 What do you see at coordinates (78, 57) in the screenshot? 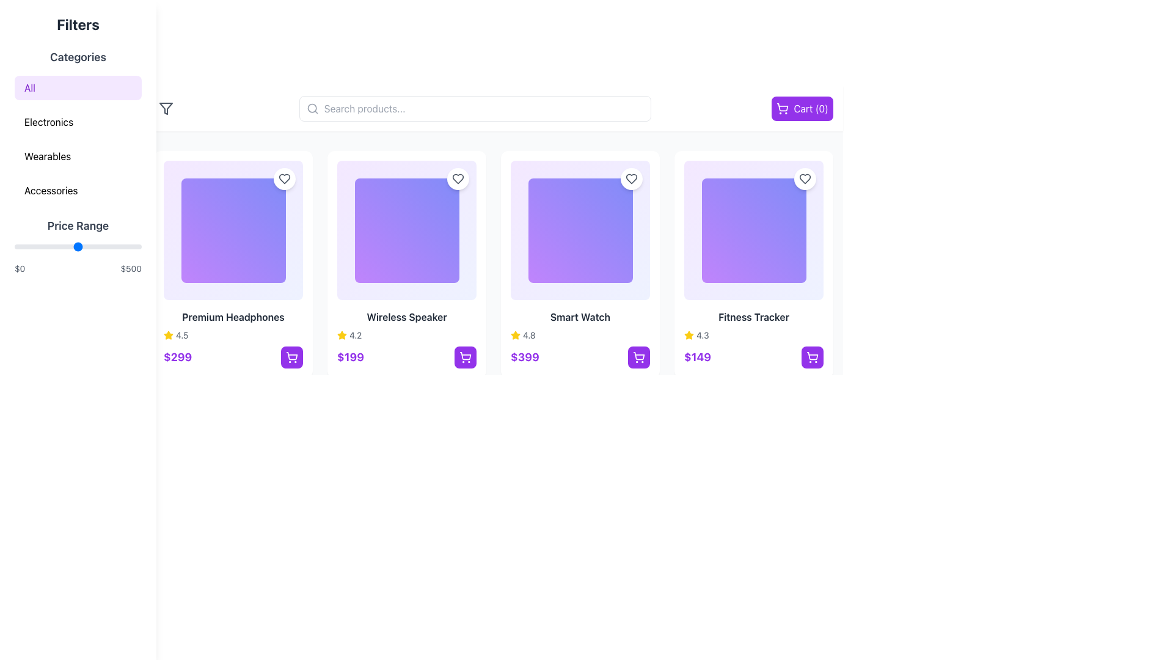
I see `the Text header located at the top of the filtering options in the left sidebar, which introduces the grouped options below it` at bounding box center [78, 57].